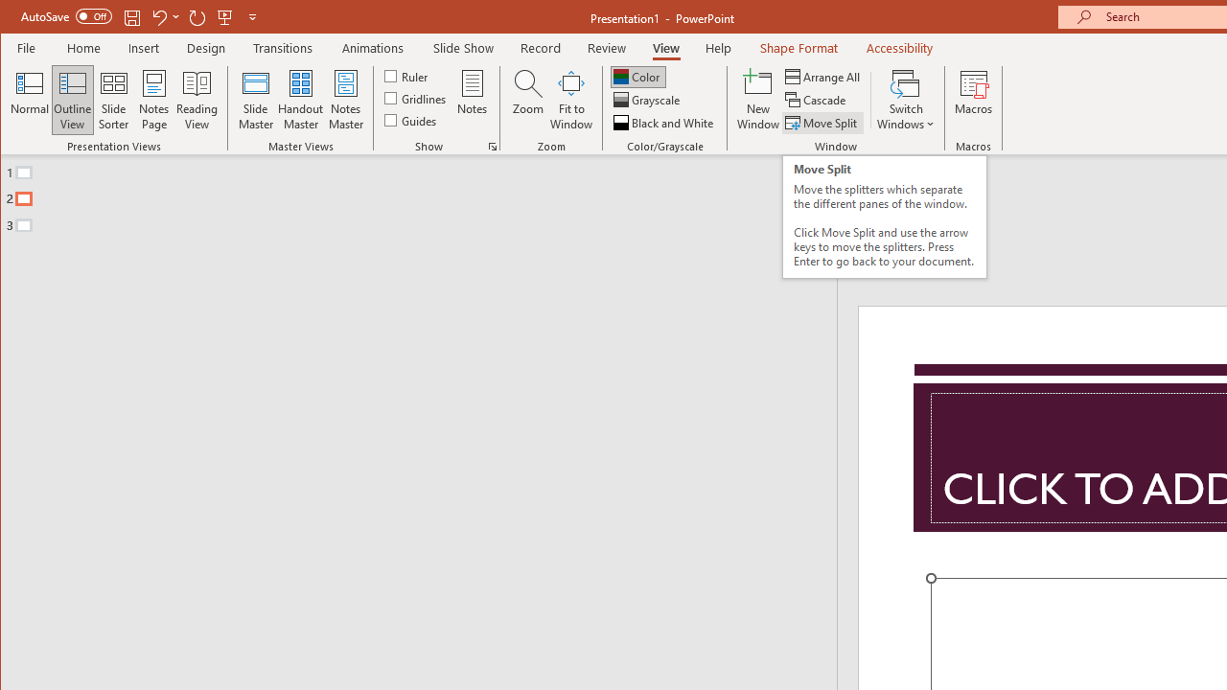  What do you see at coordinates (406, 75) in the screenshot?
I see `'Ruler'` at bounding box center [406, 75].